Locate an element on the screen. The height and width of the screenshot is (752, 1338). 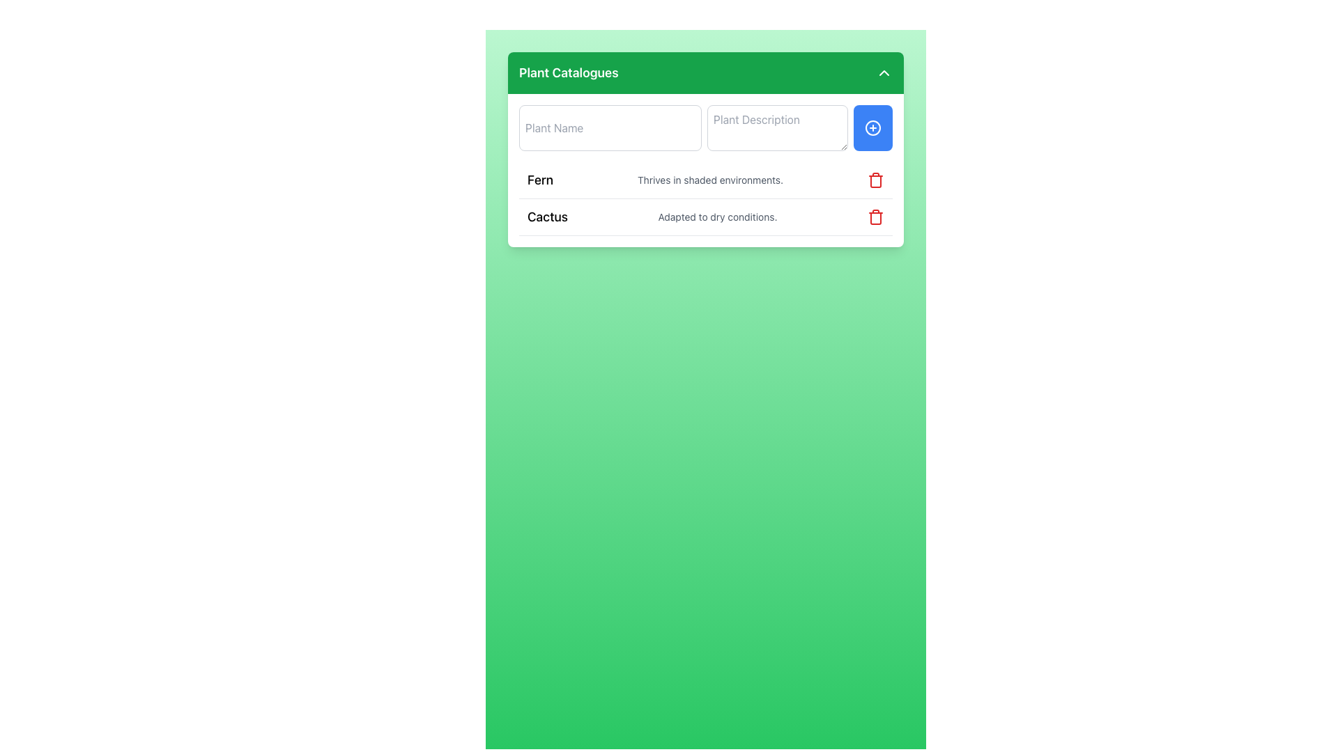
the circular outline of the '+' icon located in the top-right corner of the user input area to interact with it is located at coordinates (872, 128).